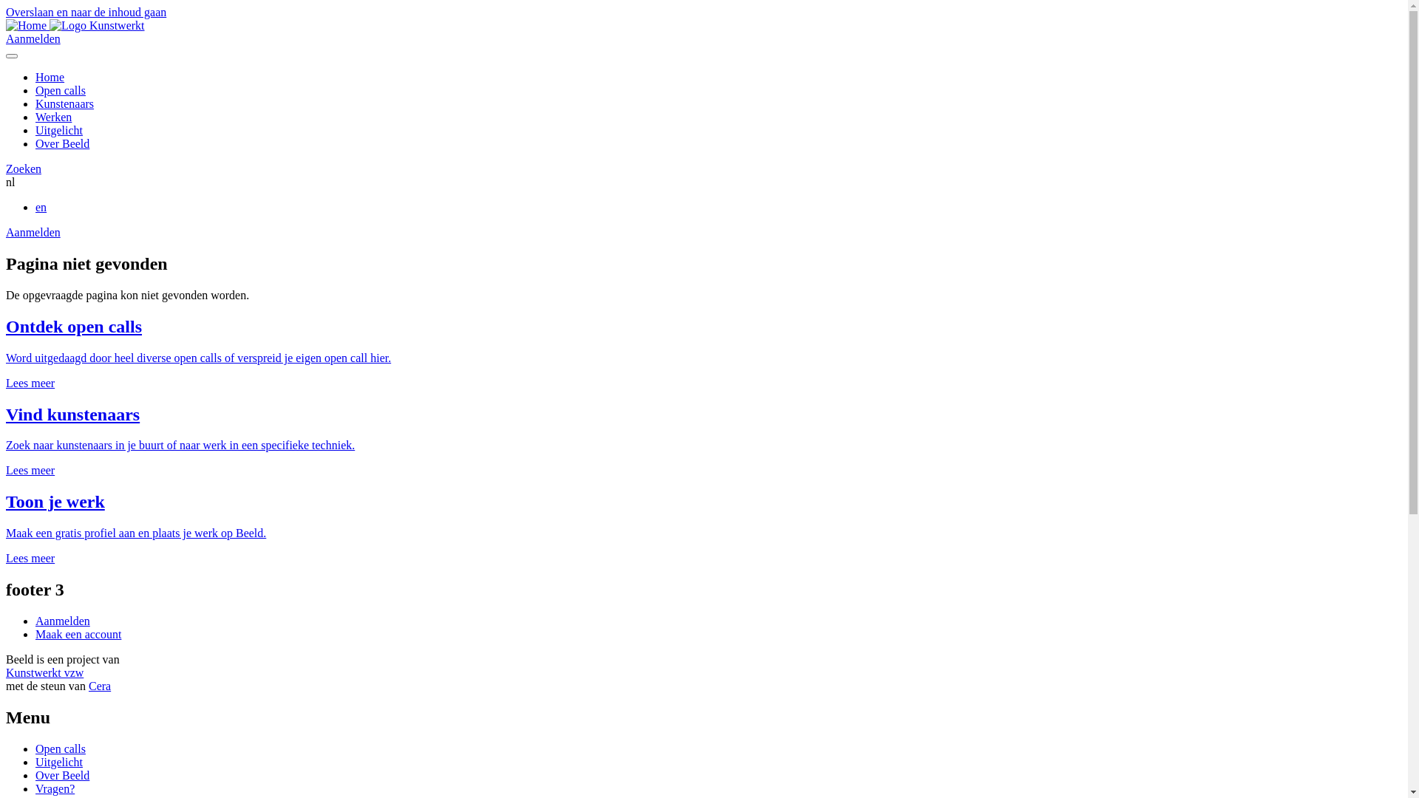 The width and height of the screenshot is (1419, 798). What do you see at coordinates (98, 686) in the screenshot?
I see `'Cera'` at bounding box center [98, 686].